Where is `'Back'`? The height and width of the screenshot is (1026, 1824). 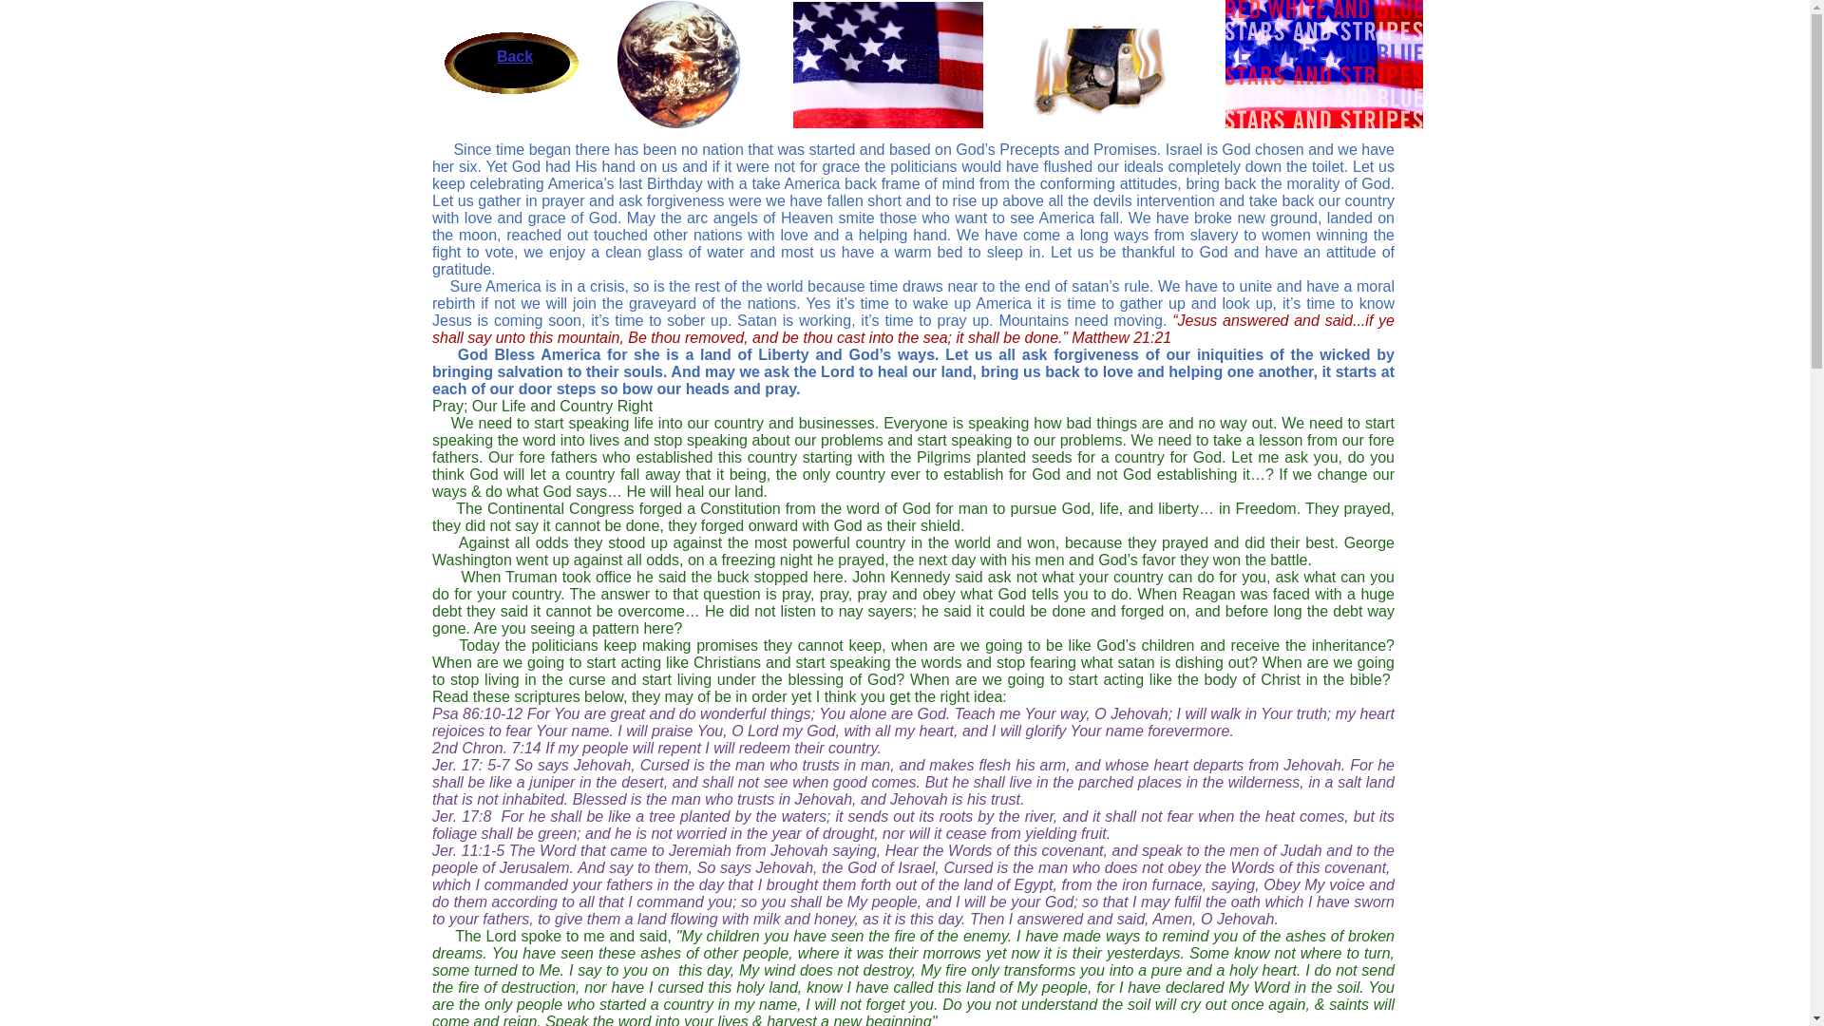
'Back' is located at coordinates (497, 55).